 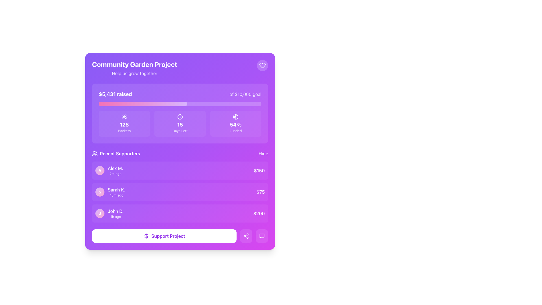 I want to click on the highlighted entry in the list of recent supporters that shows the name 'Sarah K.', the time '15m ago', and the contribution amount '$75', so click(x=180, y=191).